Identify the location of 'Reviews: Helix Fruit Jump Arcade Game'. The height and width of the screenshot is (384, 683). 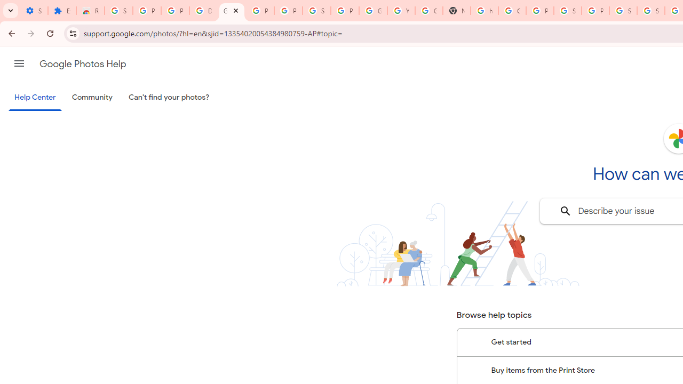
(90, 11).